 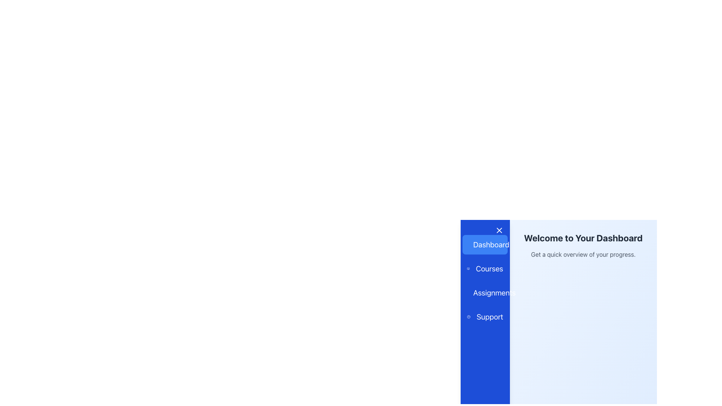 What do you see at coordinates (494, 292) in the screenshot?
I see `the 'Assignments' text label in the vertical menu list located in the blue sidebar, positioned below 'Courses' and above 'Support'` at bounding box center [494, 292].